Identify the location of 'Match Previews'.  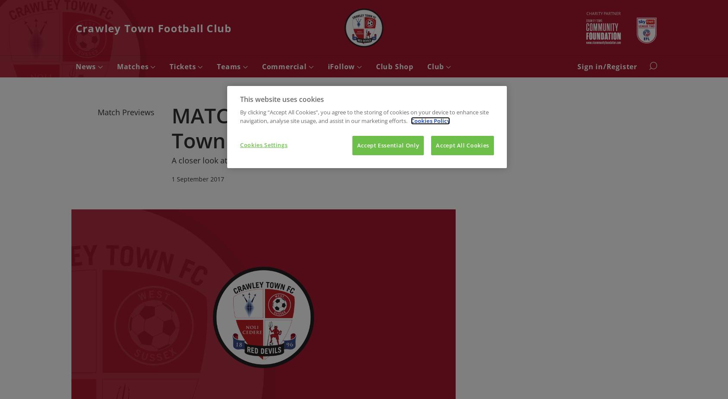
(126, 111).